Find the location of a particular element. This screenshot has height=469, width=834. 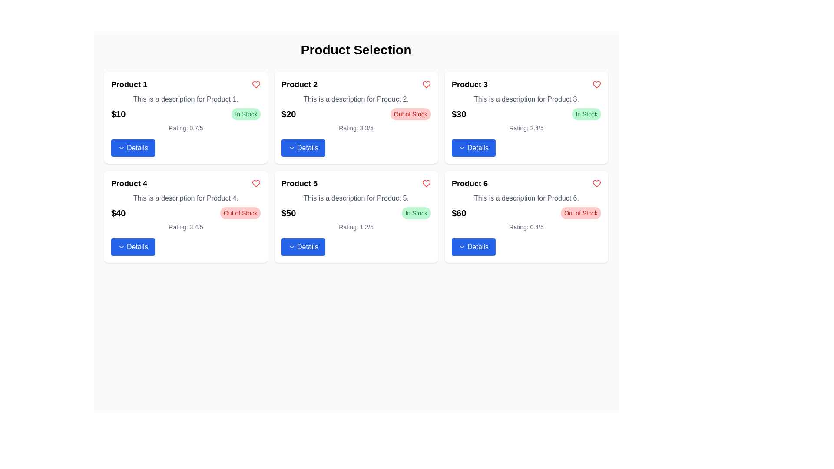

the blue rectangular button with rounded corners labeled 'Details' located at the bottom of the card for 'Product 3' is located at coordinates (473, 147).